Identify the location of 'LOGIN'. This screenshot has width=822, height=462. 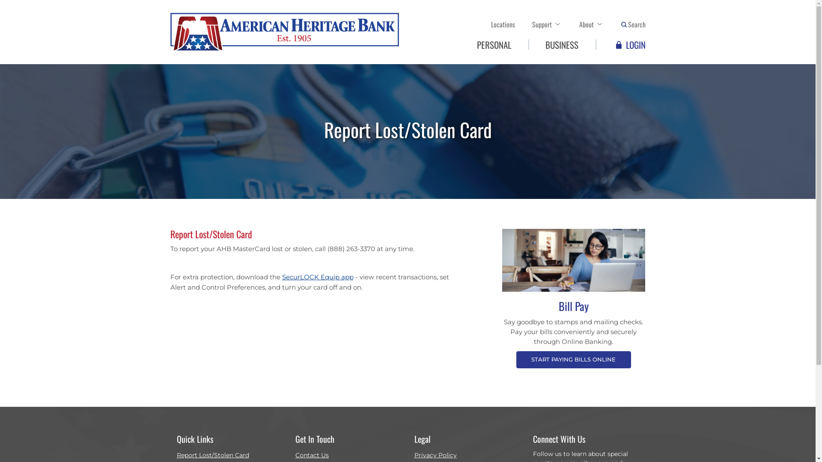
(631, 44).